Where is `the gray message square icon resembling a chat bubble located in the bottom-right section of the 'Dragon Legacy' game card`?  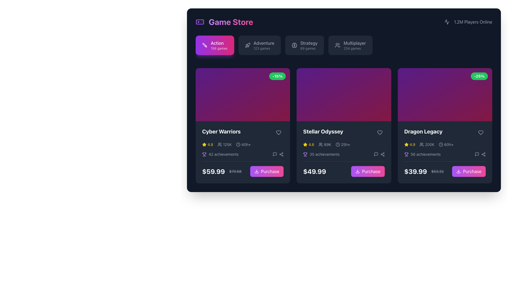
the gray message square icon resembling a chat bubble located in the bottom-right section of the 'Dragon Legacy' game card is located at coordinates (476, 154).